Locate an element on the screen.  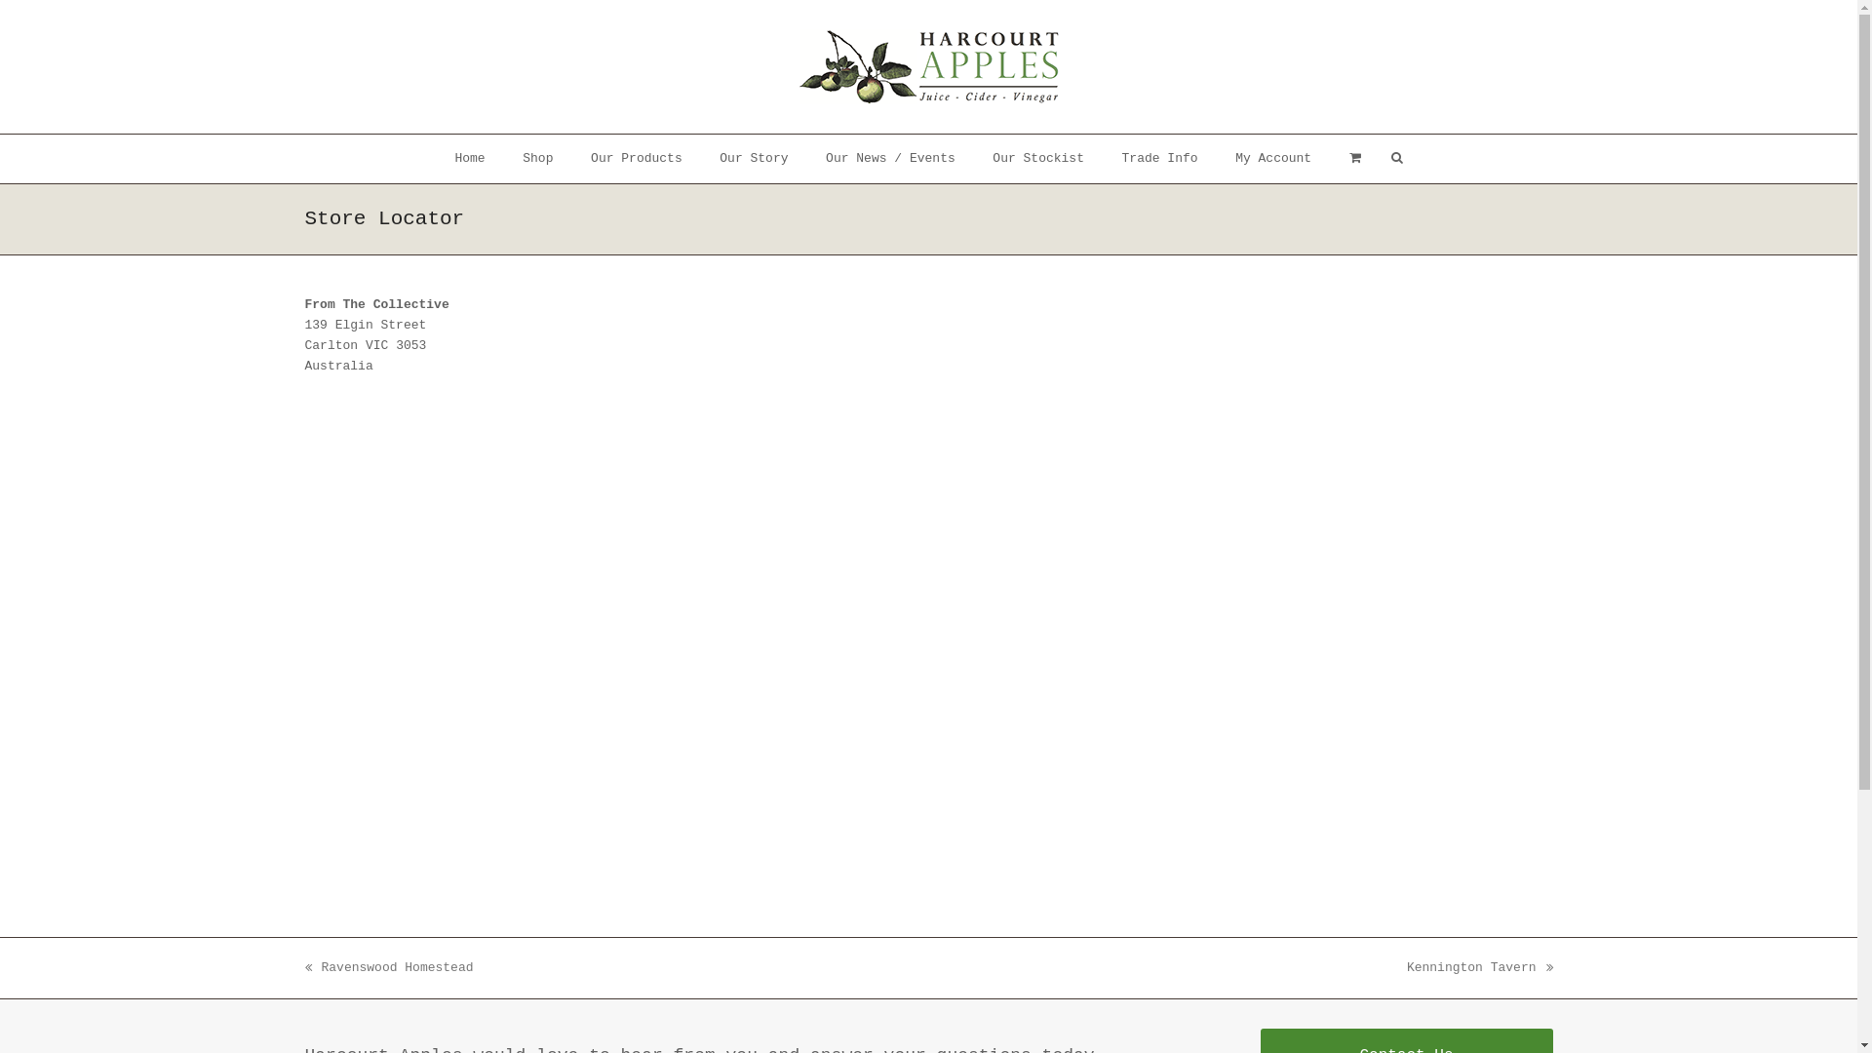
'My Account' is located at coordinates (1273, 157).